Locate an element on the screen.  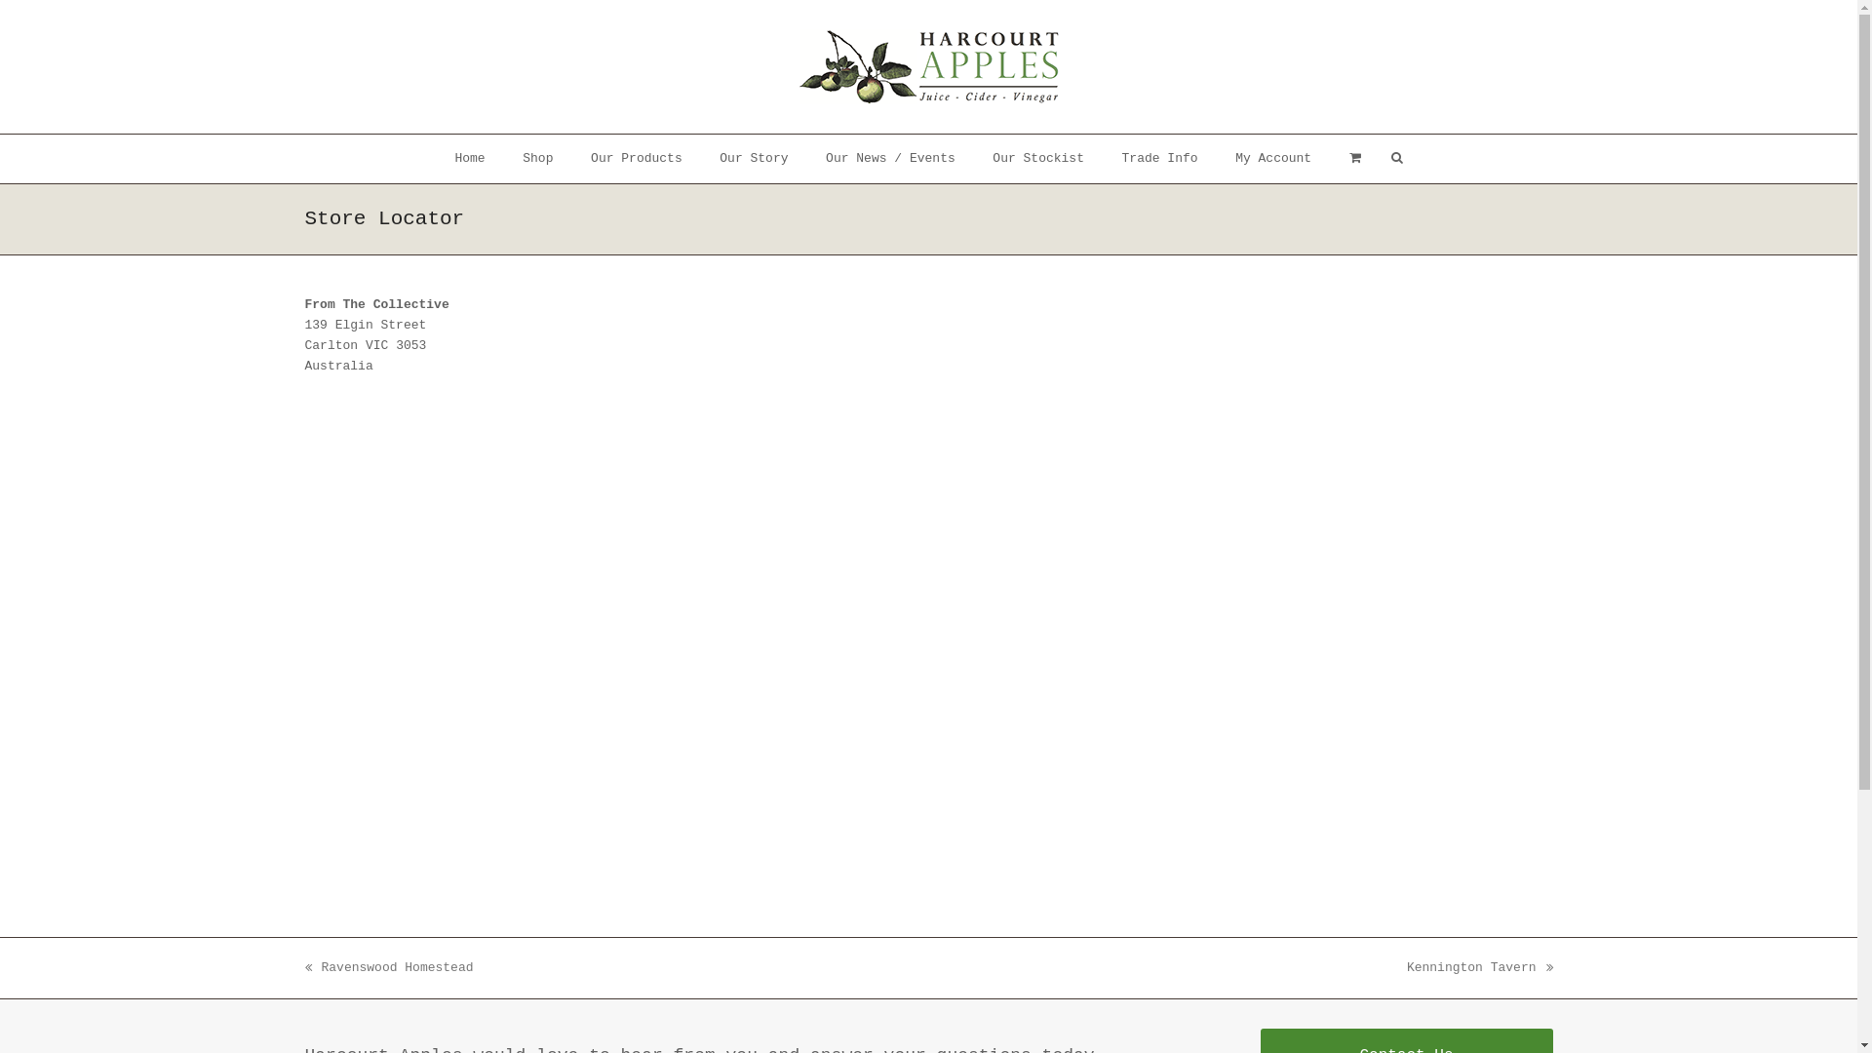
'My Account' is located at coordinates (1273, 157).